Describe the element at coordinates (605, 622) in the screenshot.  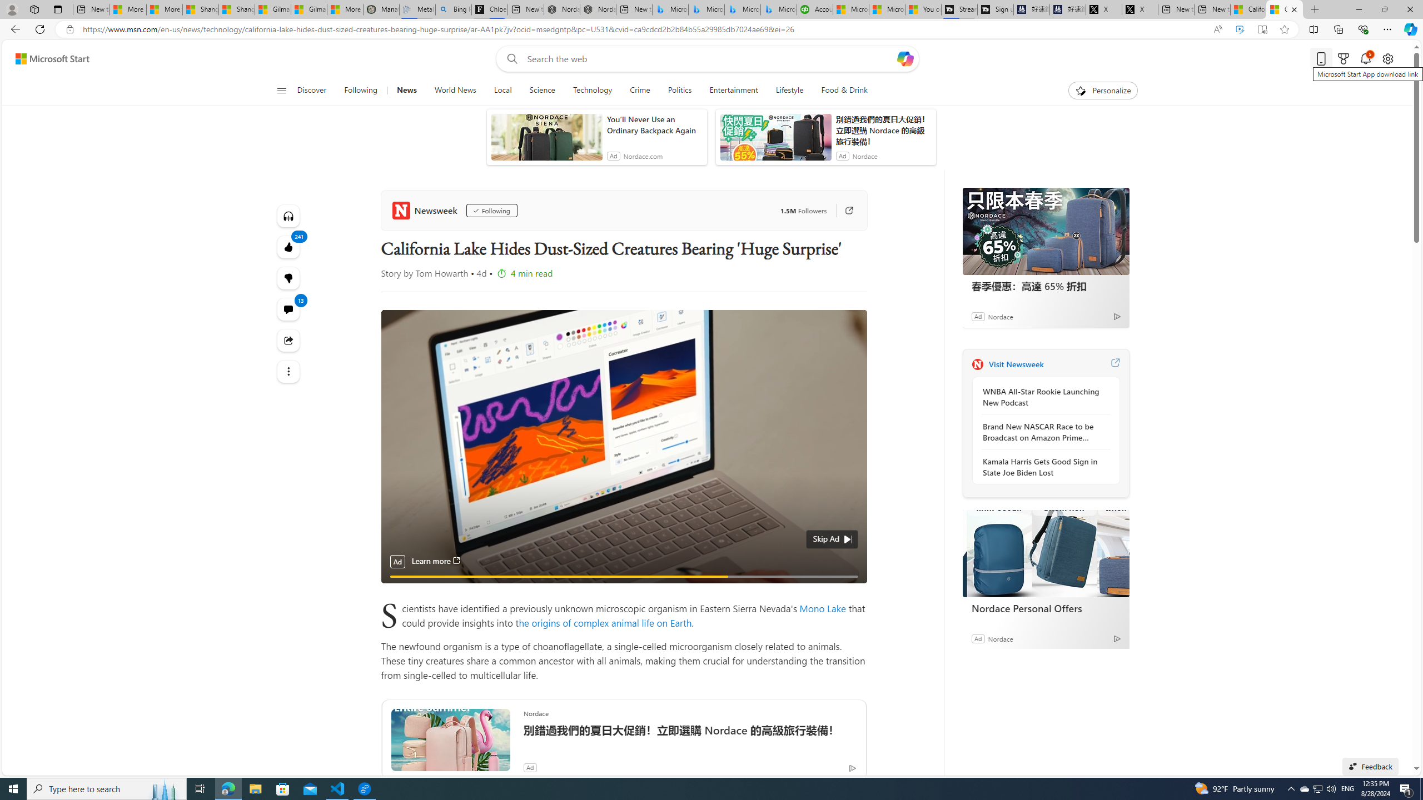
I see `'he origins of complex animal life on Earth'` at that location.